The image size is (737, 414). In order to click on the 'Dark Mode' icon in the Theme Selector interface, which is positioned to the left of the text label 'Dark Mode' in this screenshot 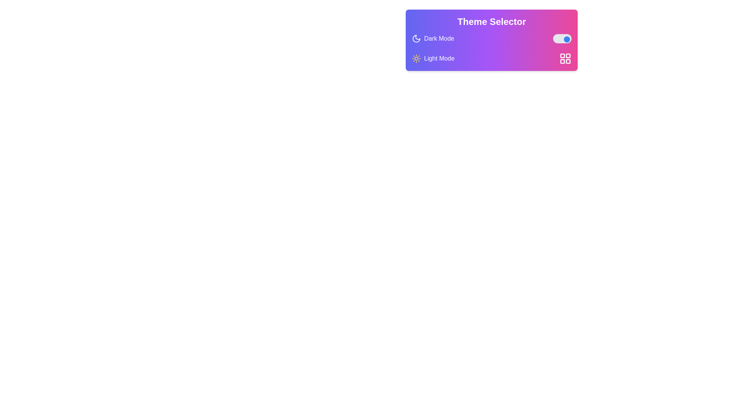, I will do `click(416, 38)`.